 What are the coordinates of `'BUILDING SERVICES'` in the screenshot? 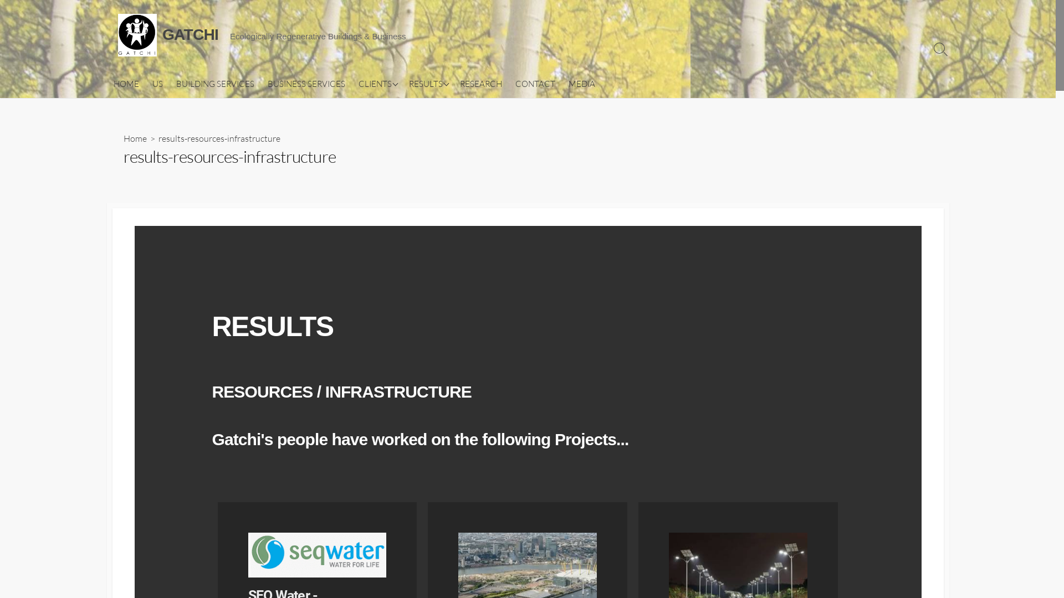 It's located at (169, 83).